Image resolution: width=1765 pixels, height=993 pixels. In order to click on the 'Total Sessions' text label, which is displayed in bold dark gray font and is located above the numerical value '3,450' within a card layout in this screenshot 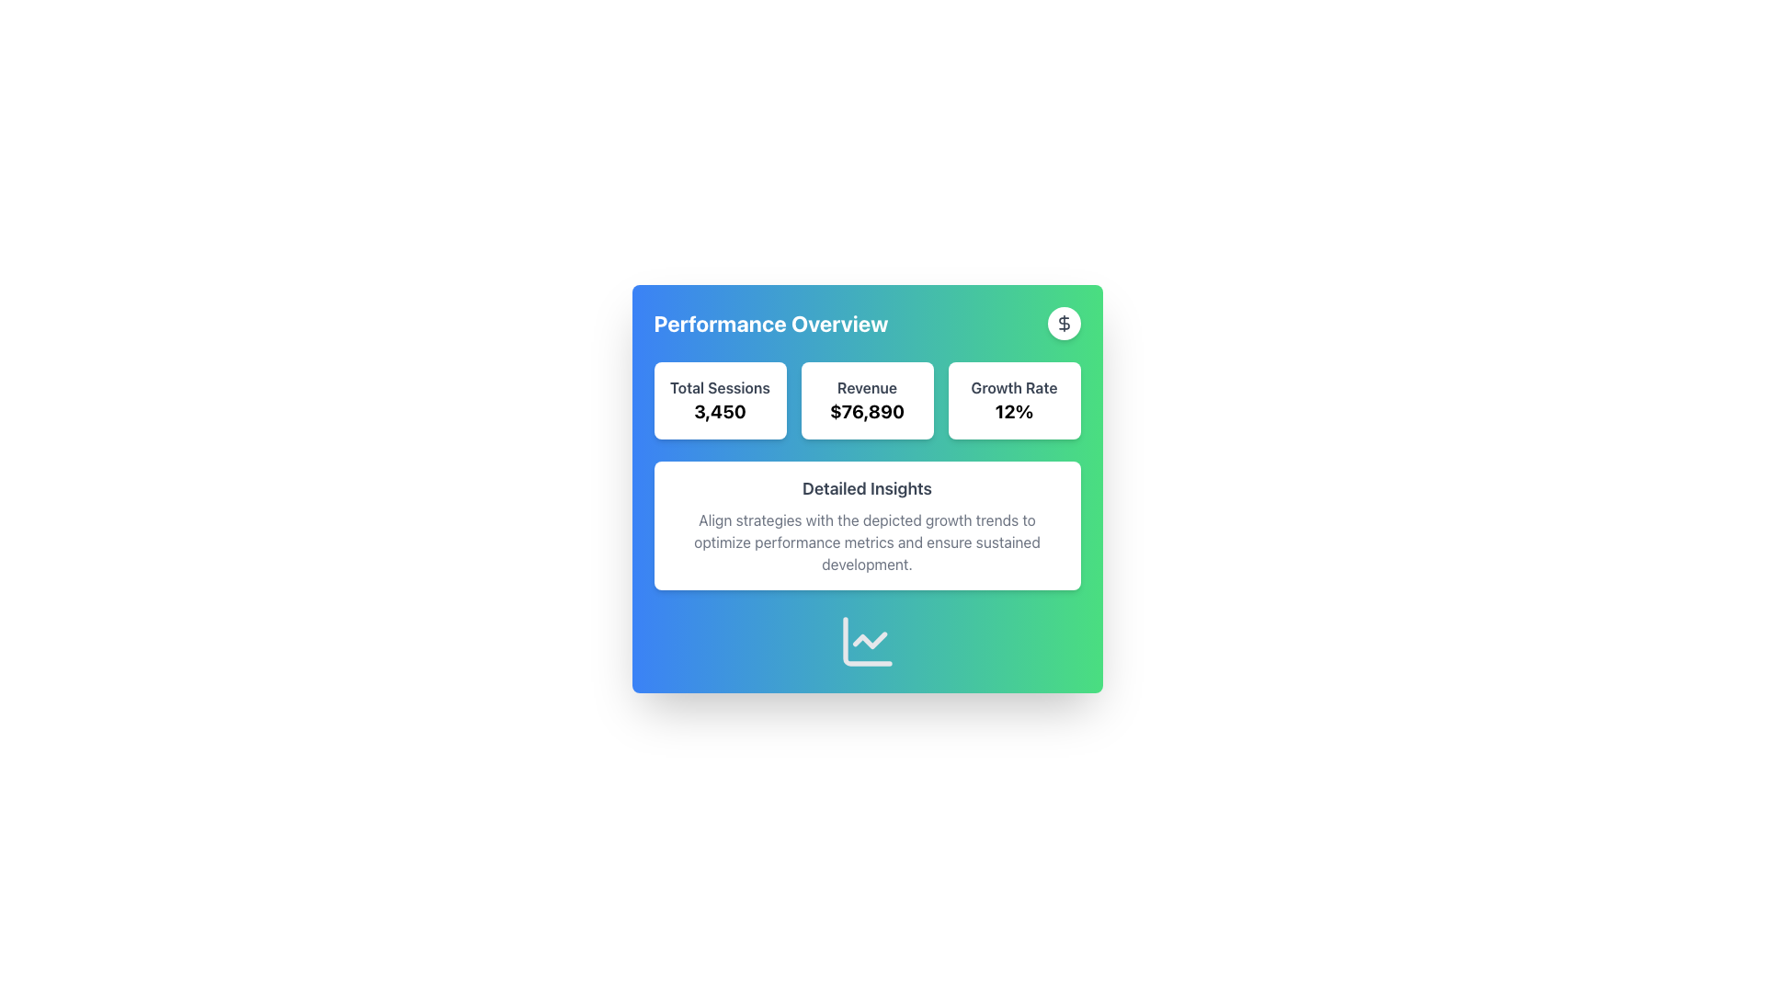, I will do `click(719, 386)`.